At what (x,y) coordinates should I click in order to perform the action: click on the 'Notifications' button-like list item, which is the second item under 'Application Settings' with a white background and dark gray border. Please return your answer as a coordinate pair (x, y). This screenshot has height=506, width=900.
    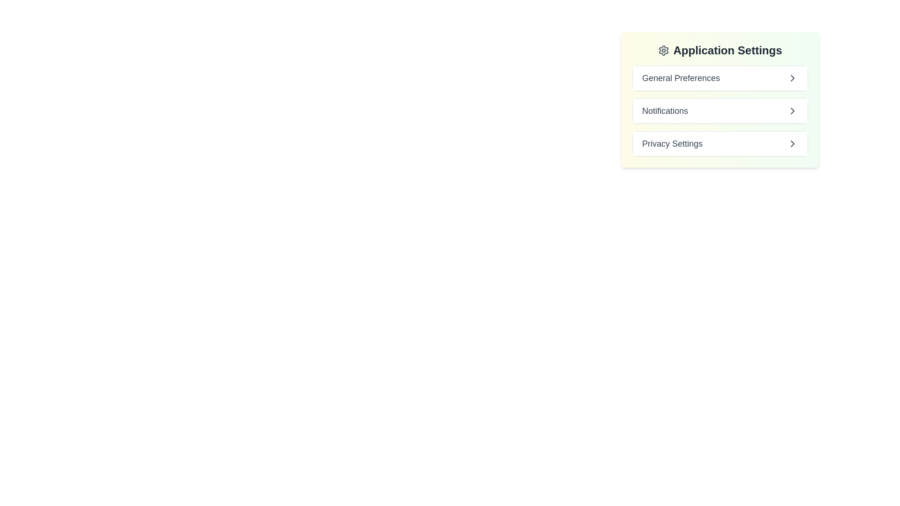
    Looking at the image, I should click on (720, 110).